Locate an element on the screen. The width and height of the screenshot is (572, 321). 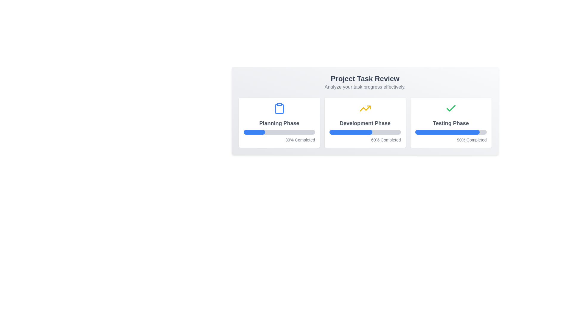
the progress represented by the Progress indicator located within the 'Development Phase' progress bar, which is filled to approximately 60% is located at coordinates (351, 132).